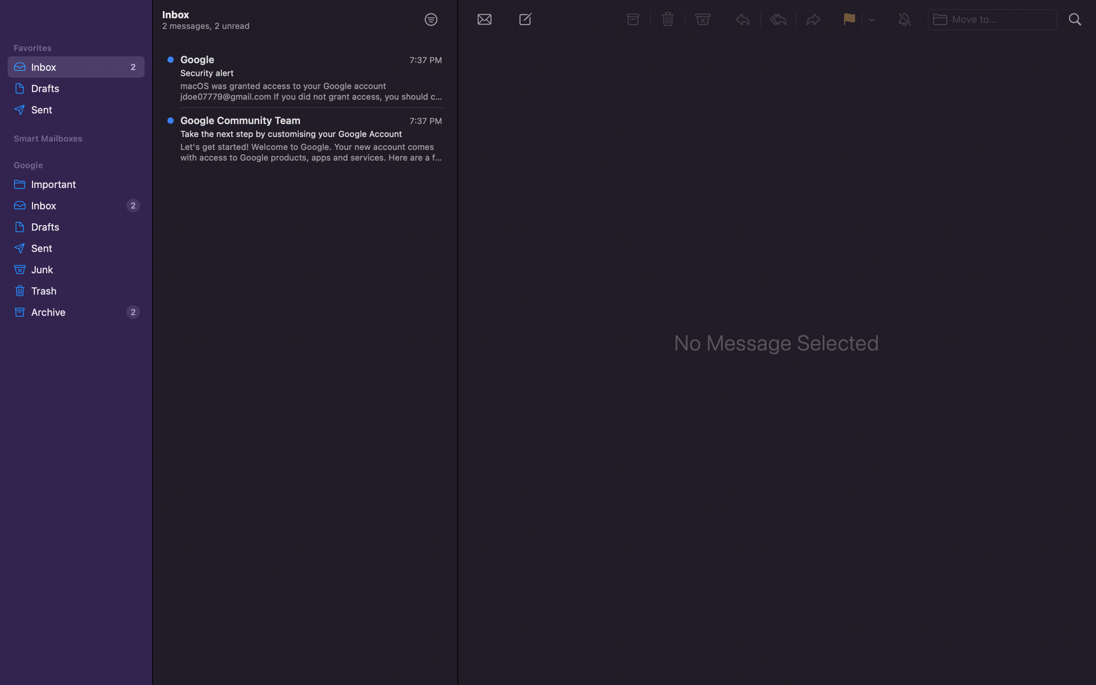 The image size is (1096, 685). I want to click on Click the option to forward the selected message, so click(814, 21).